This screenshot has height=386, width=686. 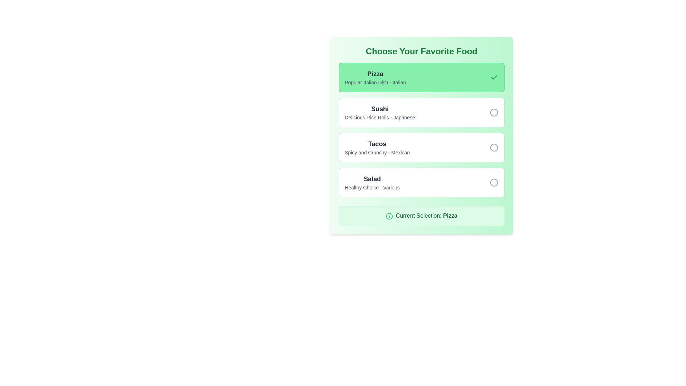 I want to click on the text 'Salad' in the selection panel, so click(x=372, y=182).